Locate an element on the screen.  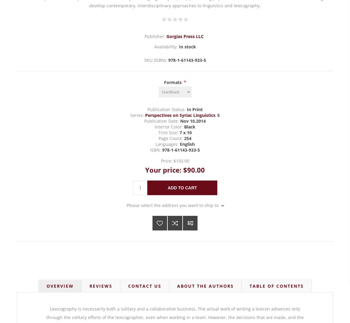
'ISBN:' is located at coordinates (155, 150).